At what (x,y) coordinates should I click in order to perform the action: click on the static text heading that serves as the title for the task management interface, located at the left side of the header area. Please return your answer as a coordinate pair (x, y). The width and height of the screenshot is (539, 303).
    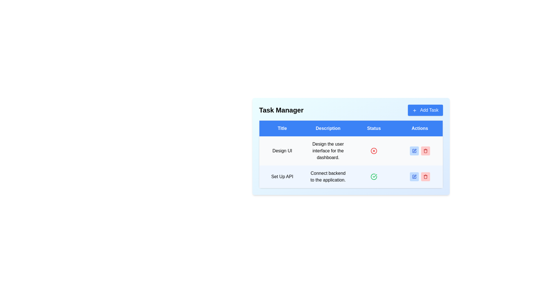
    Looking at the image, I should click on (281, 110).